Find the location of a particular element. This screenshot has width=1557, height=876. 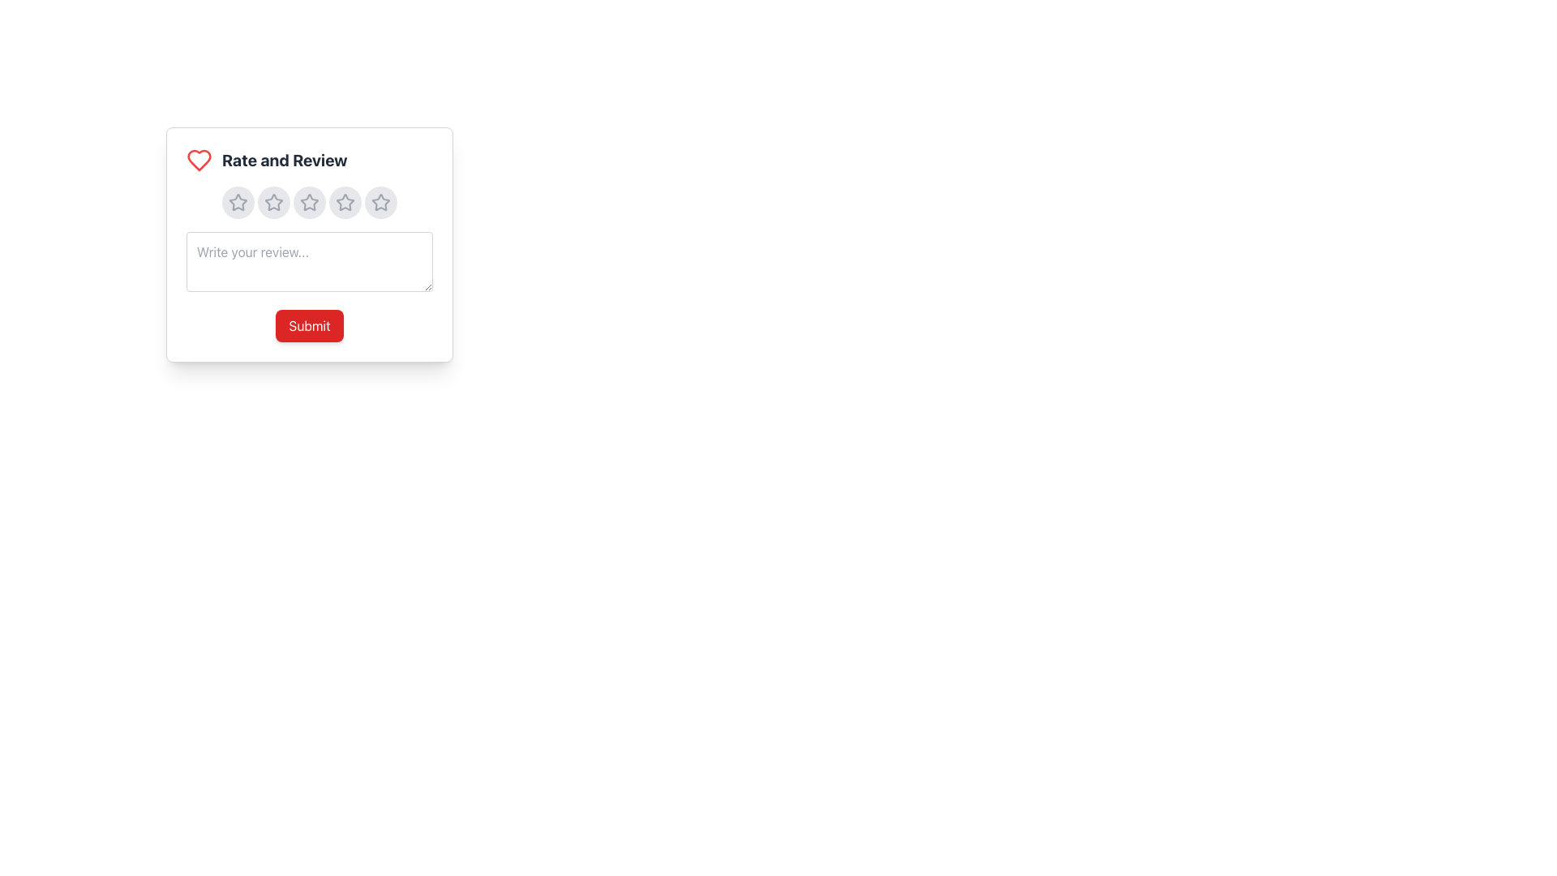

the highlighted star in the Rating Star Component, which is part of the 'Rate and Review' section is located at coordinates (310, 202).